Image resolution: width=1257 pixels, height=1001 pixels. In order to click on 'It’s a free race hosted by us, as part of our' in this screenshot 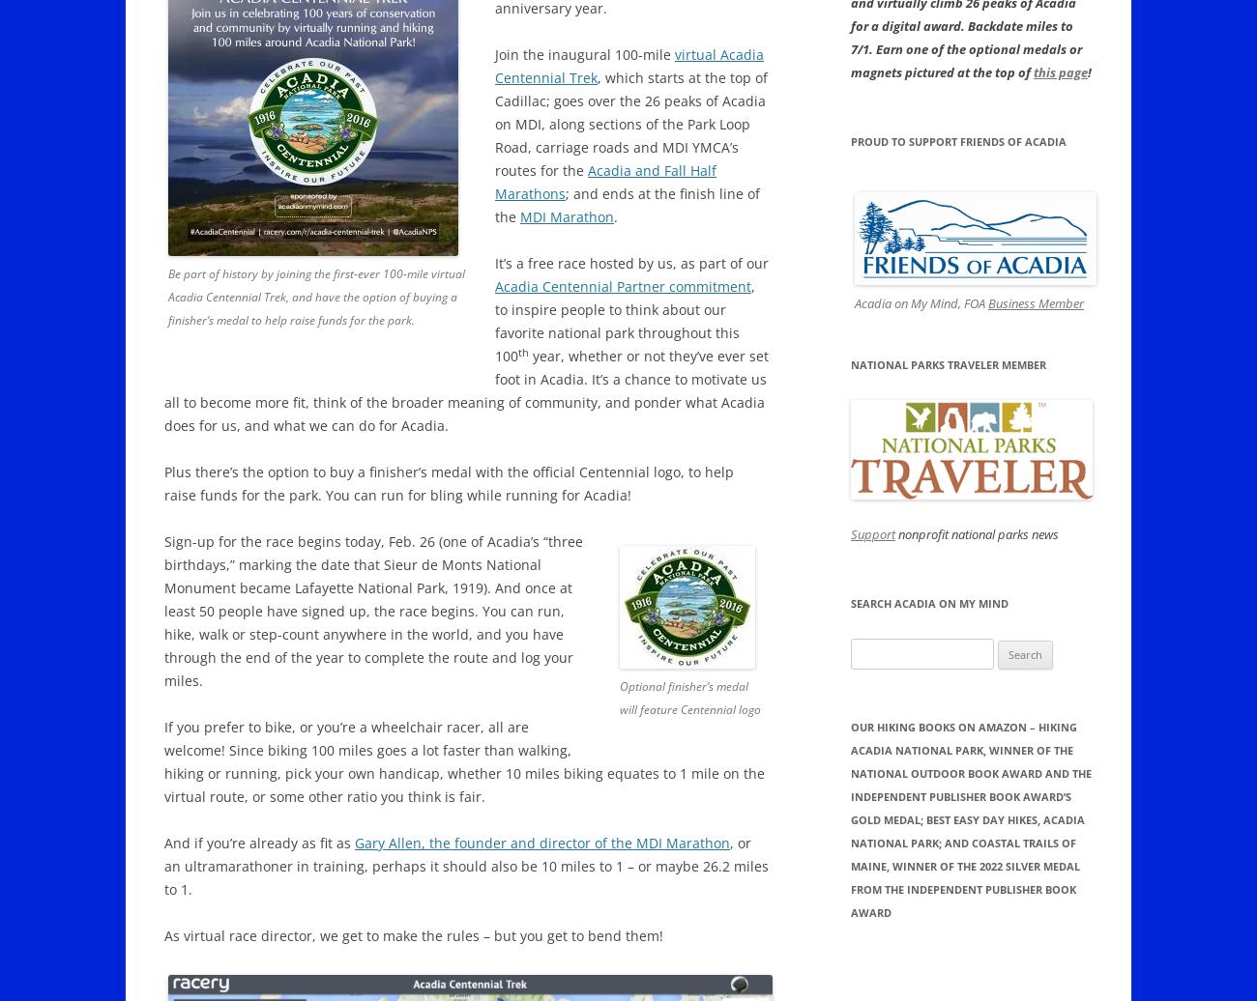, I will do `click(630, 263)`.